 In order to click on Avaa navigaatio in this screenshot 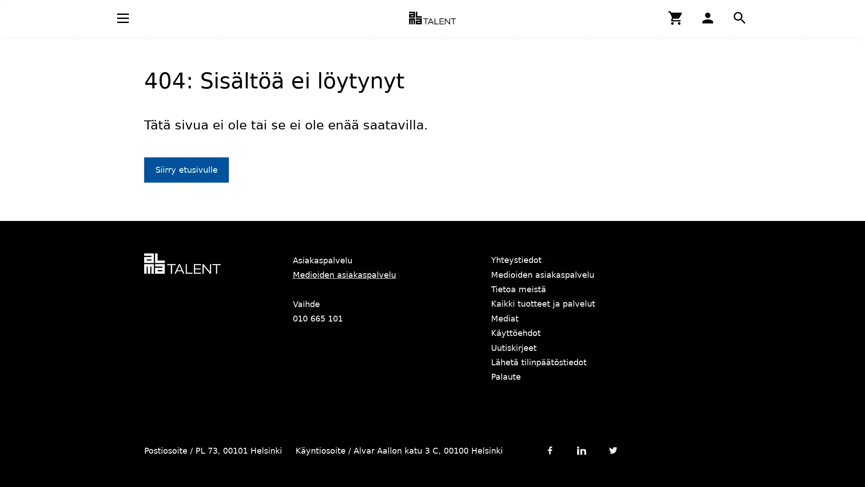, I will do `click(123, 18)`.